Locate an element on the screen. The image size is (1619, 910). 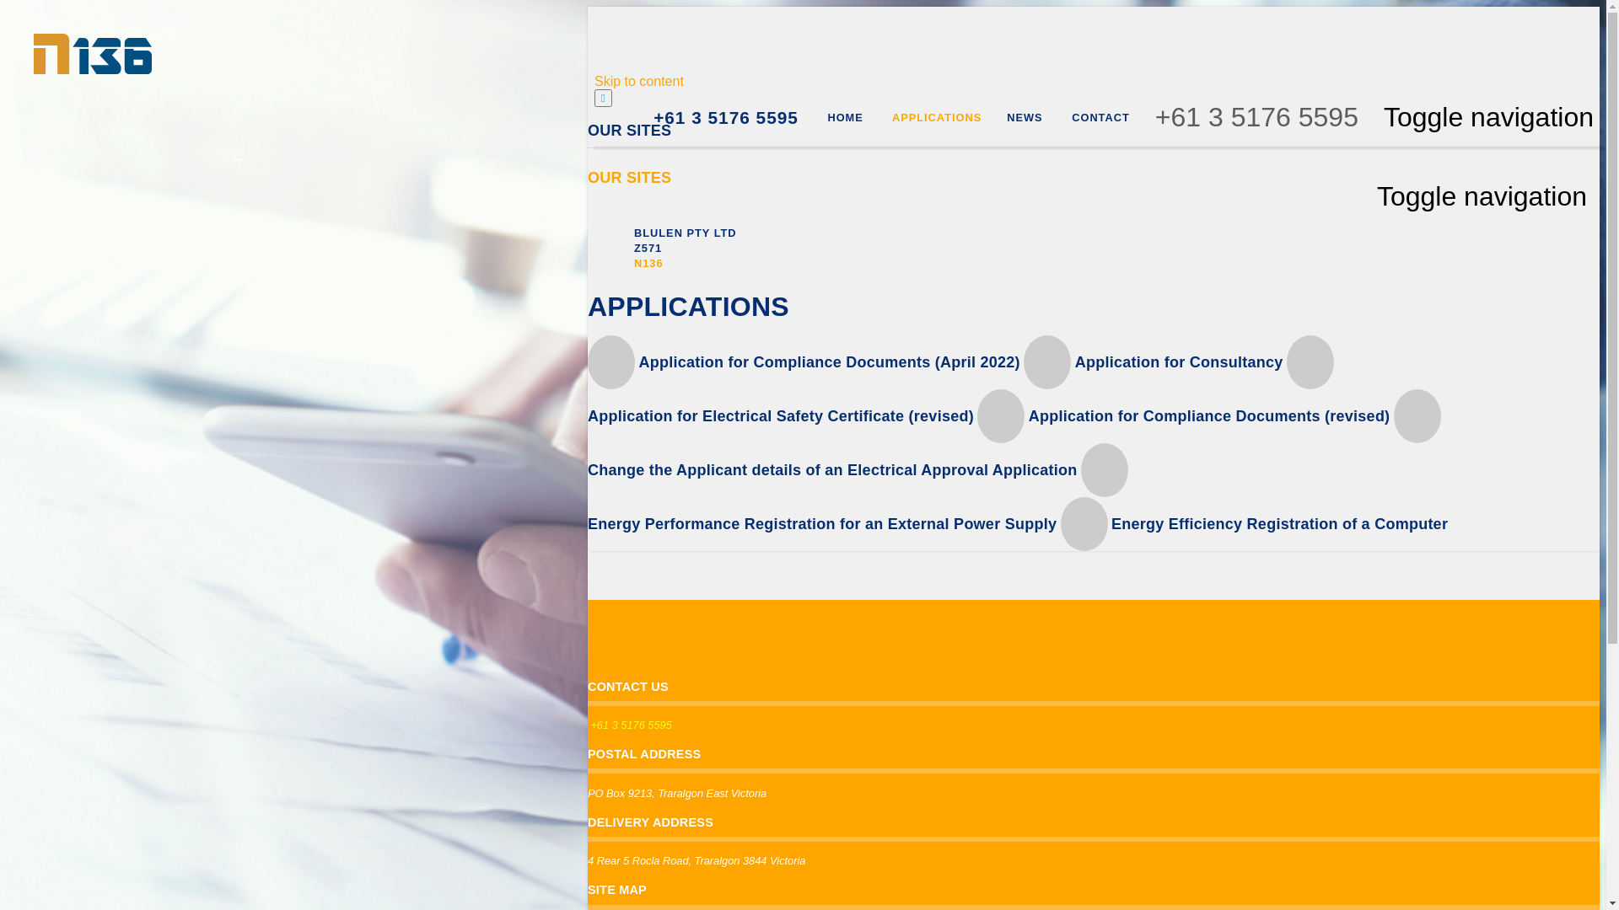
'Application for Consultancy' is located at coordinates (1154, 361).